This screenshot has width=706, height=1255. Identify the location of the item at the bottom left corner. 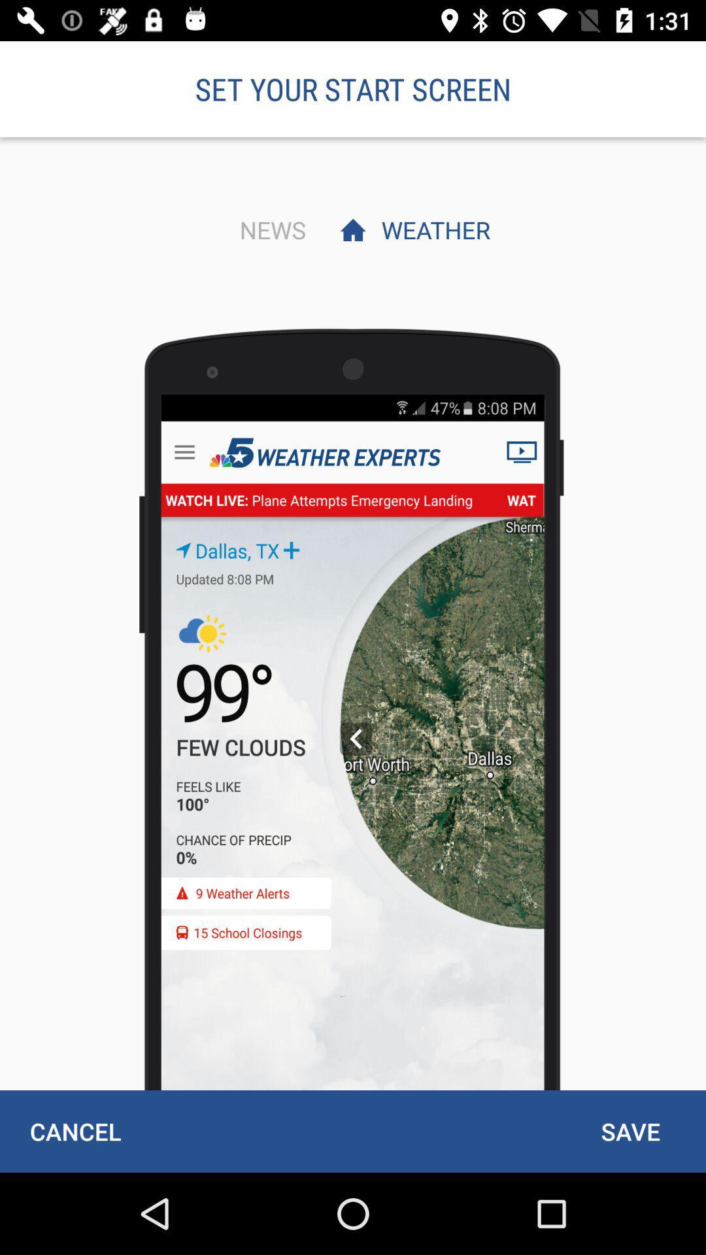
(75, 1131).